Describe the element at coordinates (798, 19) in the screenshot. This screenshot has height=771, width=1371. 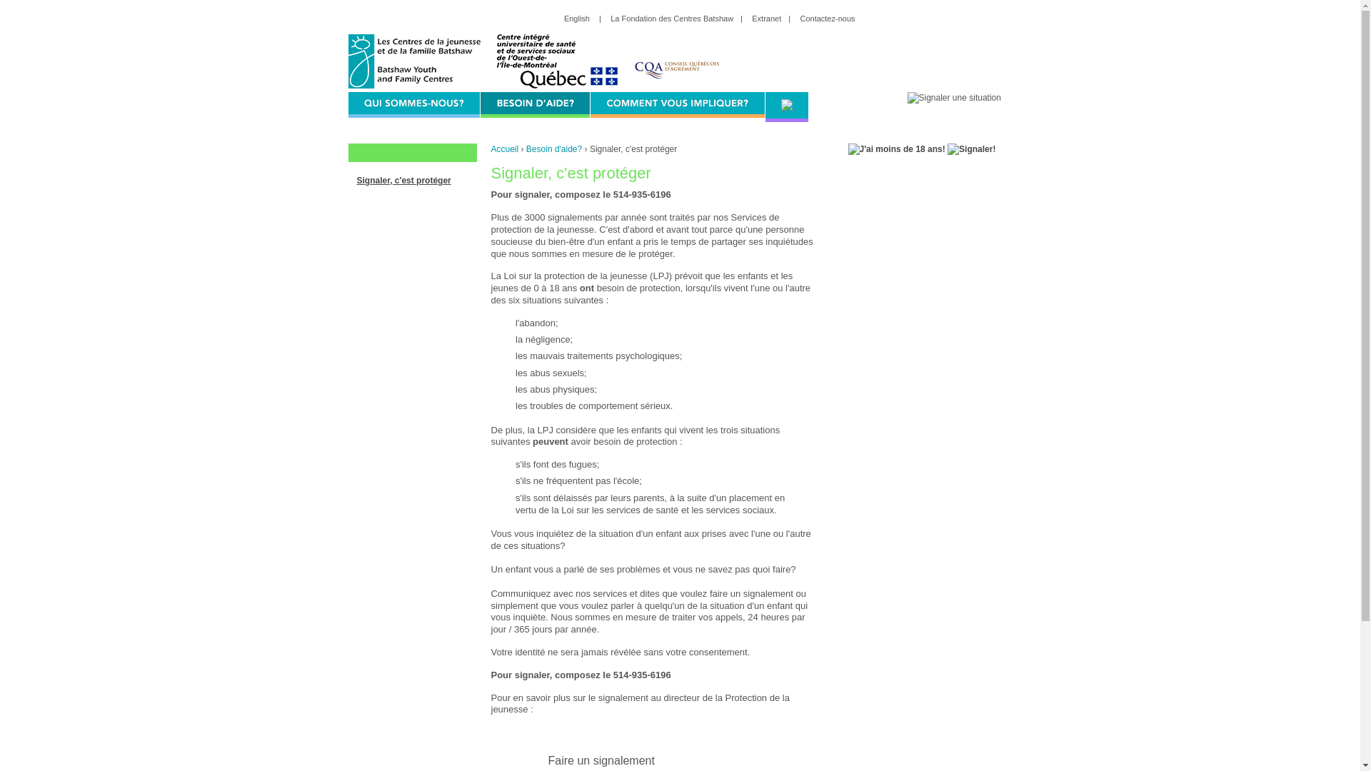
I see `'Contactez-nous'` at that location.